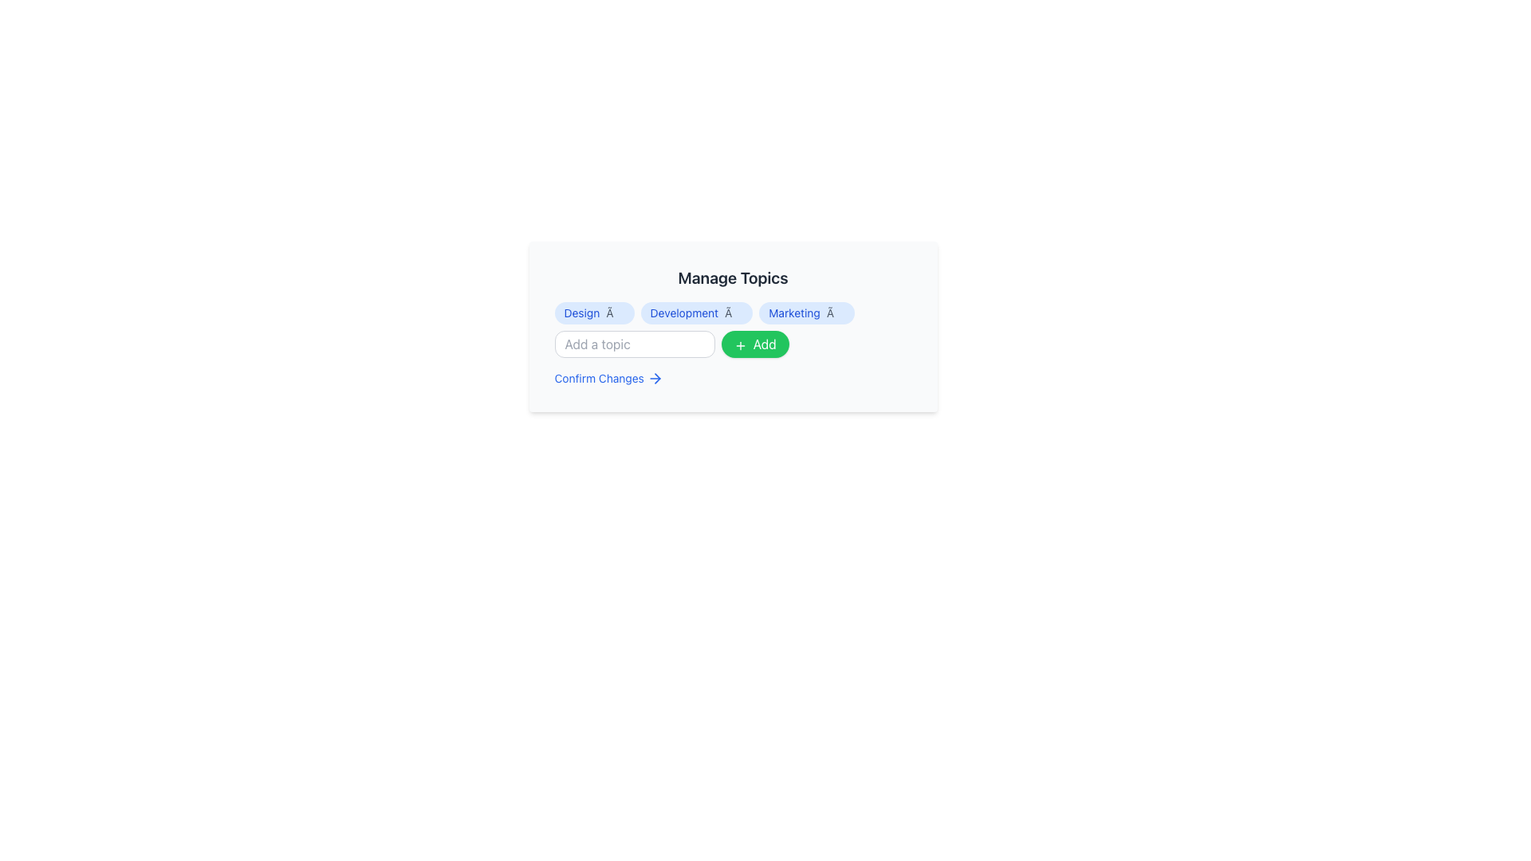 The width and height of the screenshot is (1531, 861). What do you see at coordinates (614, 313) in the screenshot?
I see `the interactive '×' symbol button at the end of the 'Design' tag` at bounding box center [614, 313].